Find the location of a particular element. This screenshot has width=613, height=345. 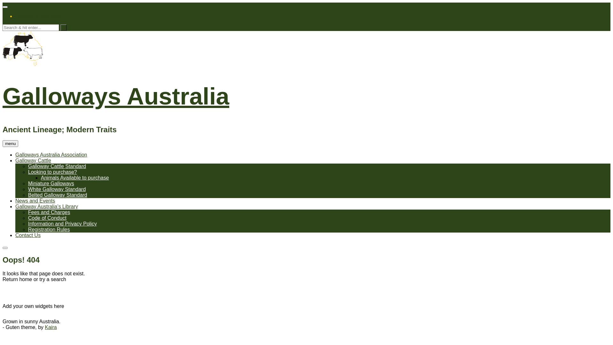

'Galloway Cattle' is located at coordinates (33, 160).